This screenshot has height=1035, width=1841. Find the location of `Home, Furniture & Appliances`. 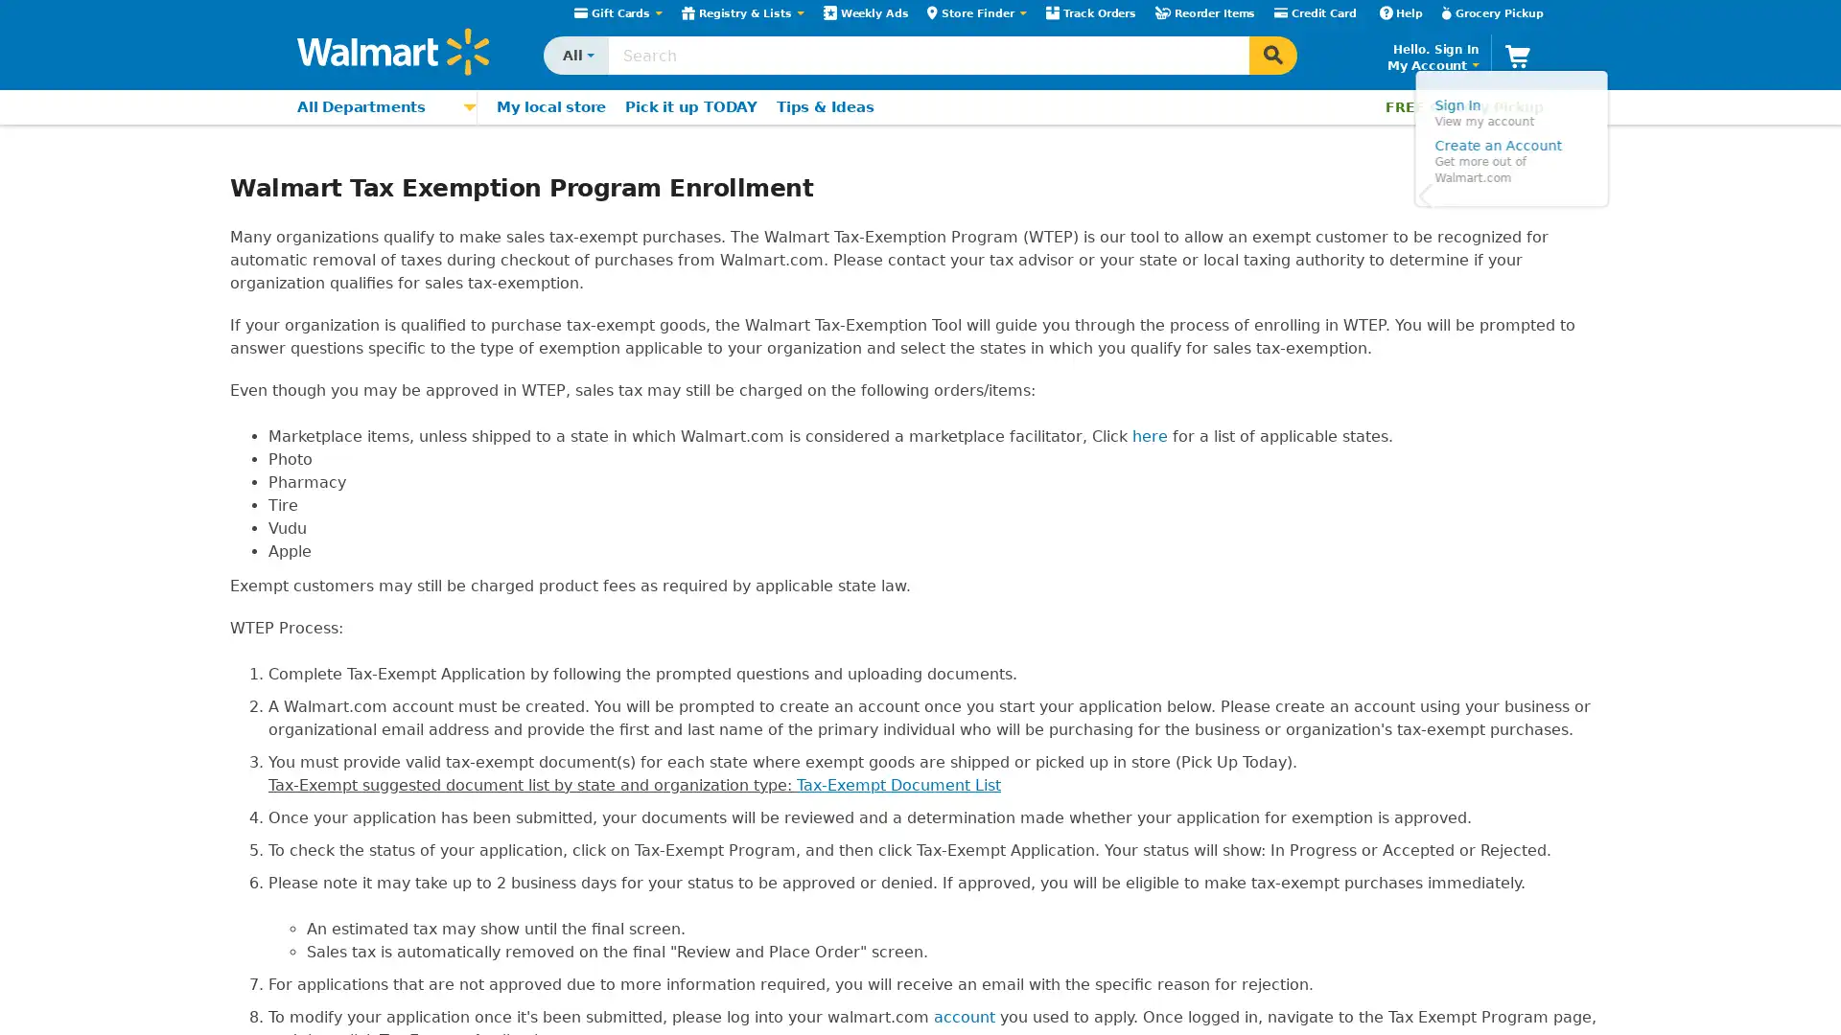

Home, Furniture & Appliances is located at coordinates (372, 235).